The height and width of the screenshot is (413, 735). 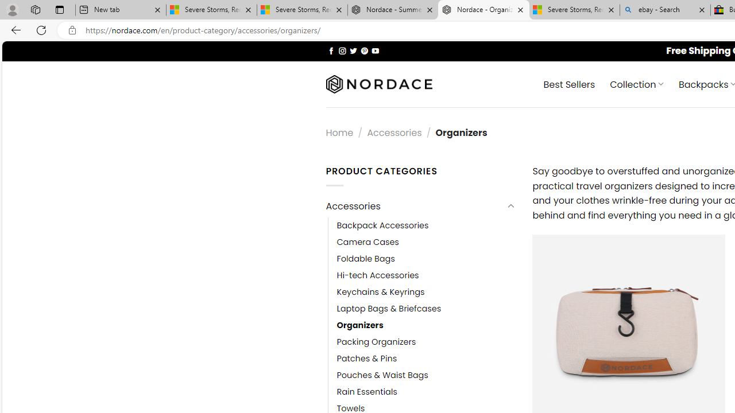 I want to click on 'Nordace - Organizers', so click(x=483, y=10).